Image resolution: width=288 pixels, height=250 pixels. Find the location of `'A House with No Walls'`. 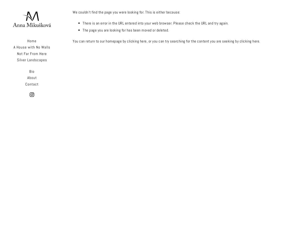

'A House with No Walls' is located at coordinates (32, 47).